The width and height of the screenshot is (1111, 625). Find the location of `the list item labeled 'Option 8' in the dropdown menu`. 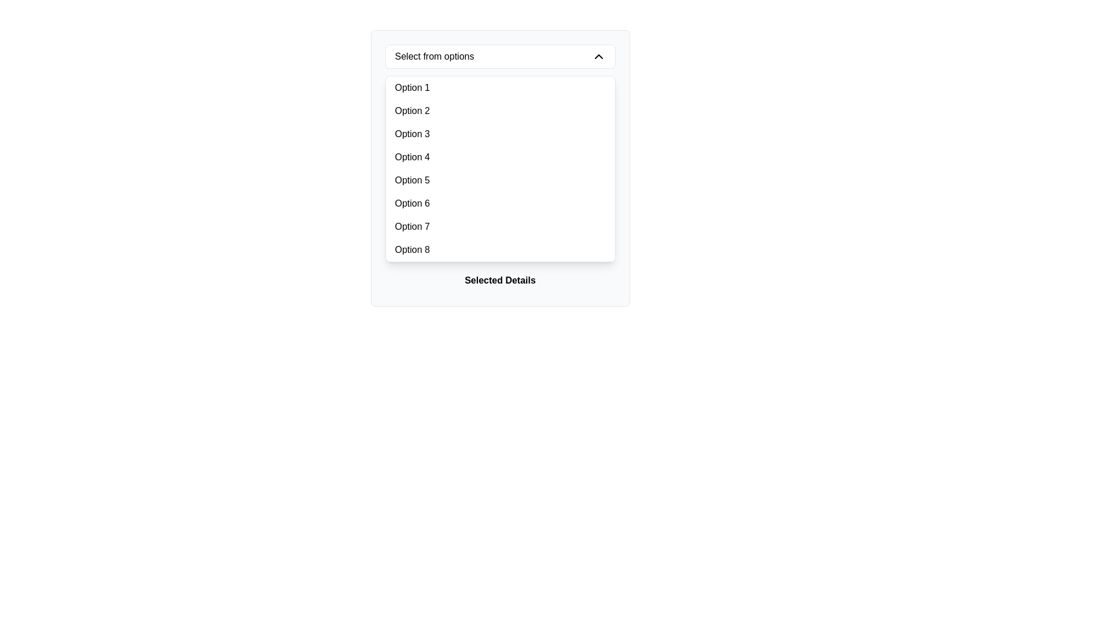

the list item labeled 'Option 8' in the dropdown menu is located at coordinates (500, 249).